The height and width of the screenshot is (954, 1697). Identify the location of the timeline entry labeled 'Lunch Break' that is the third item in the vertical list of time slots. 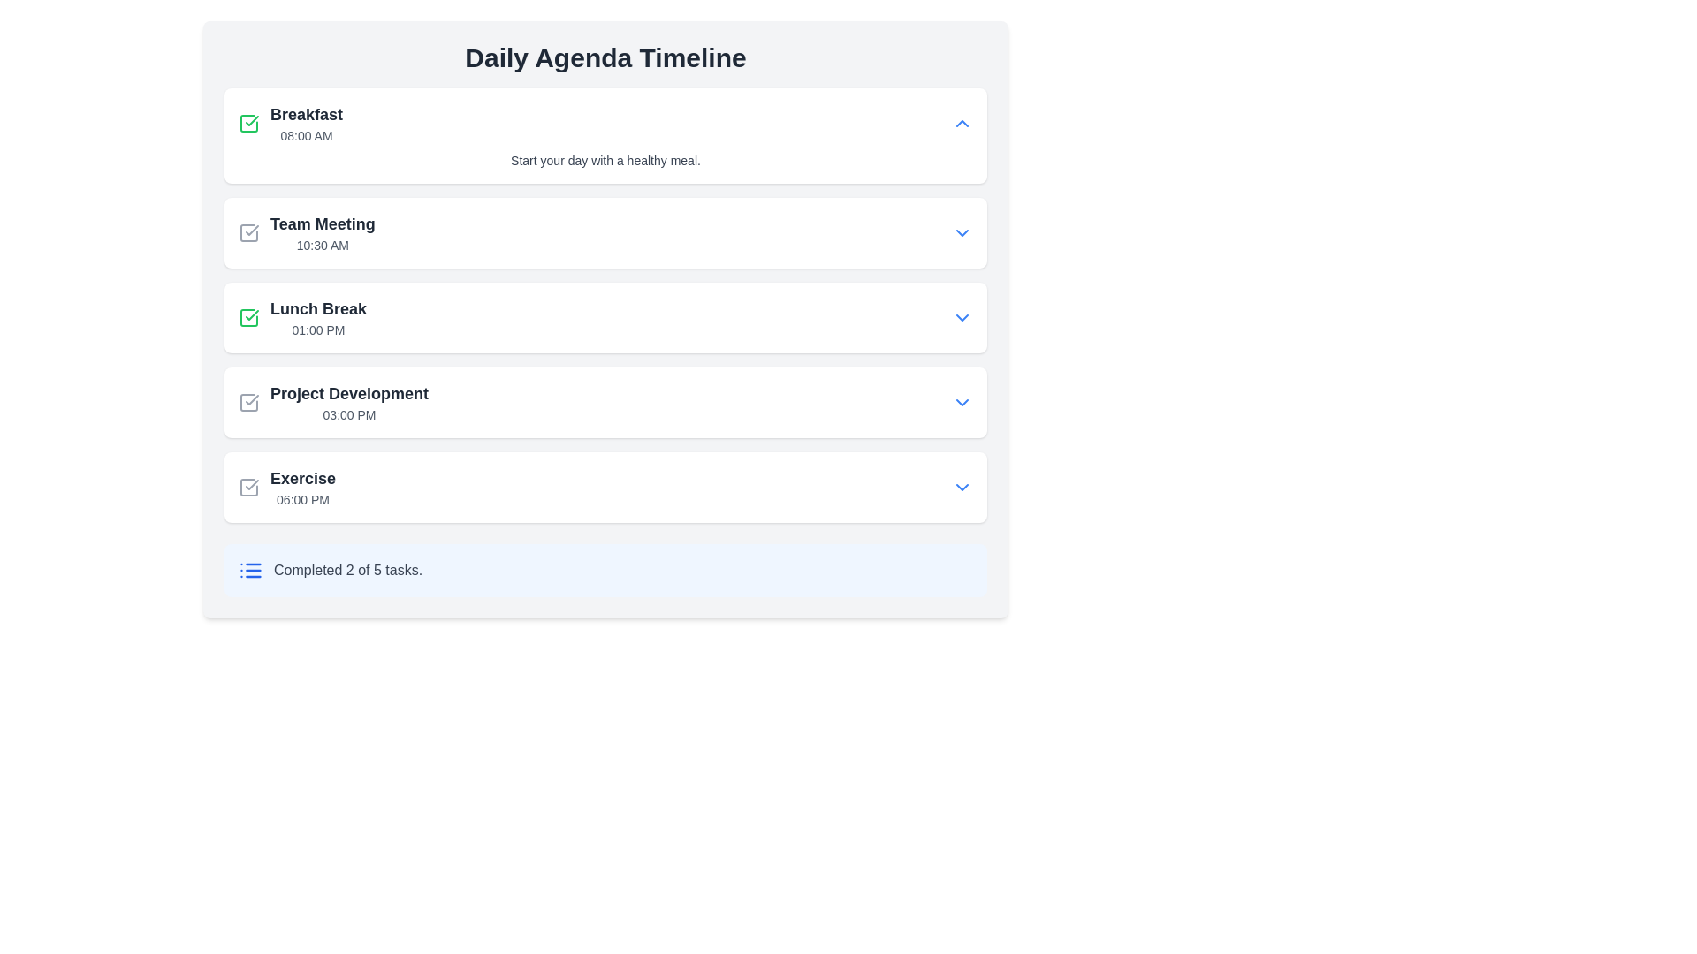
(605, 316).